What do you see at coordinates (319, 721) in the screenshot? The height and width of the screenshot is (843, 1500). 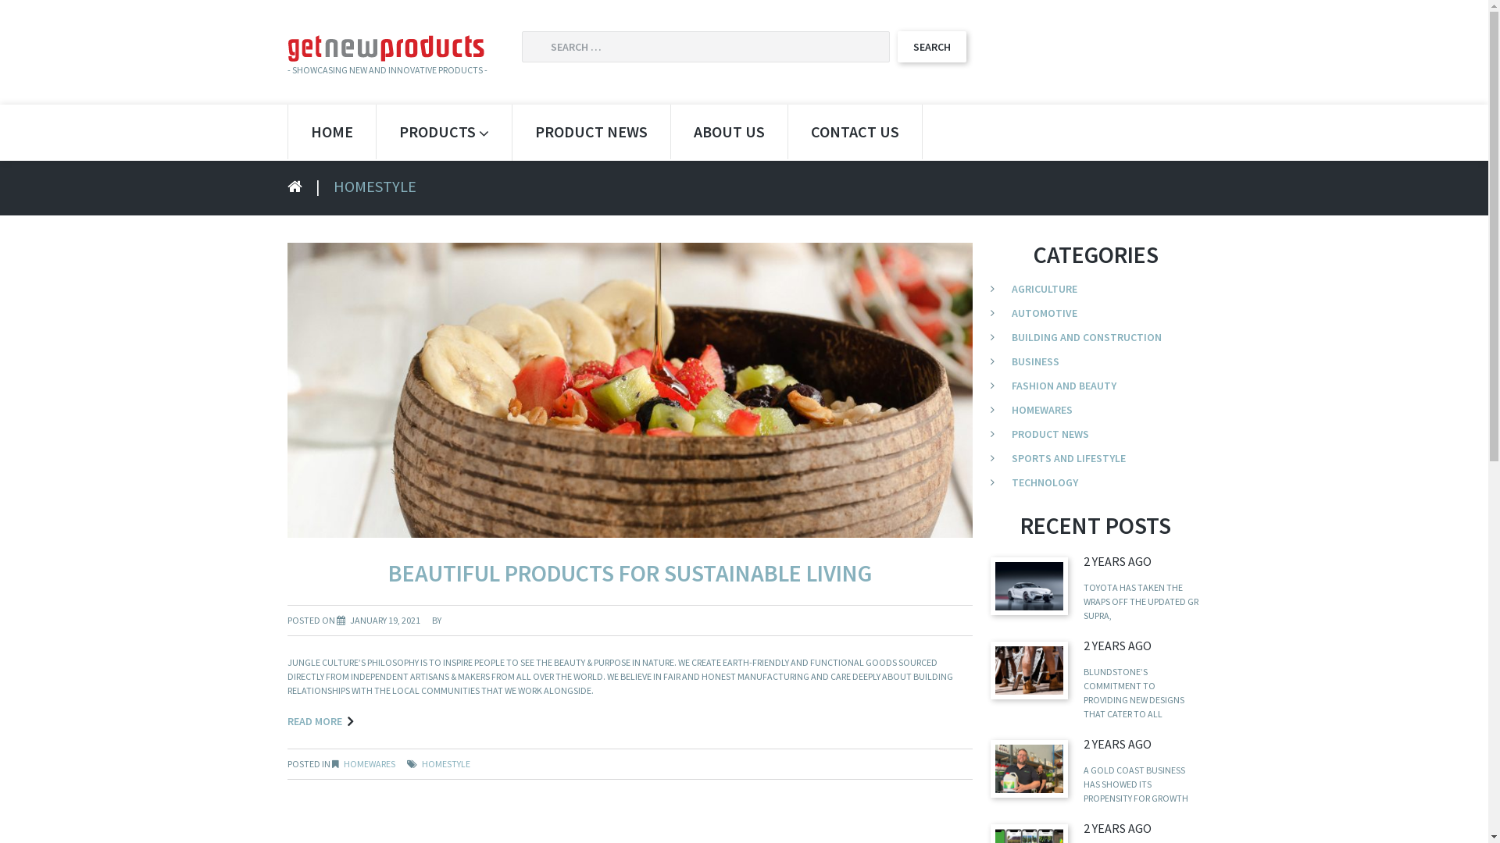 I see `'READ MORE'` at bounding box center [319, 721].